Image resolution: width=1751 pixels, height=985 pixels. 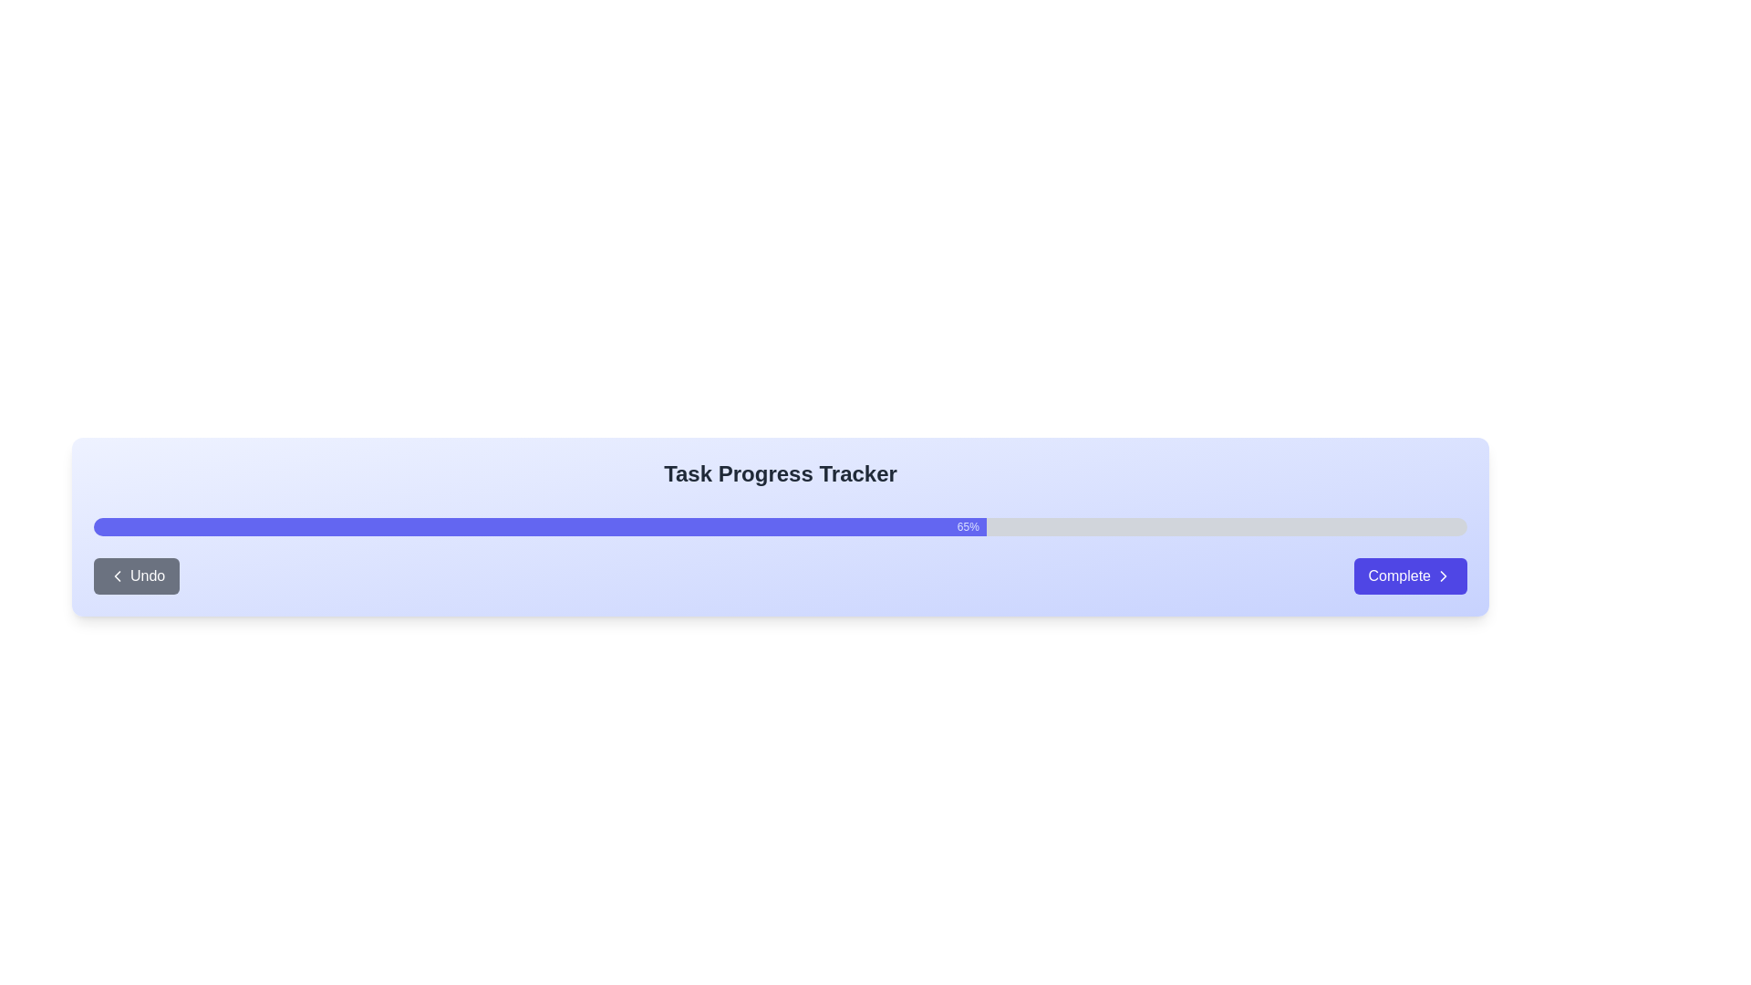 I want to click on the rightward-pointing chevron icon located at the center-right of the purple 'Complete' button, so click(x=1443, y=576).